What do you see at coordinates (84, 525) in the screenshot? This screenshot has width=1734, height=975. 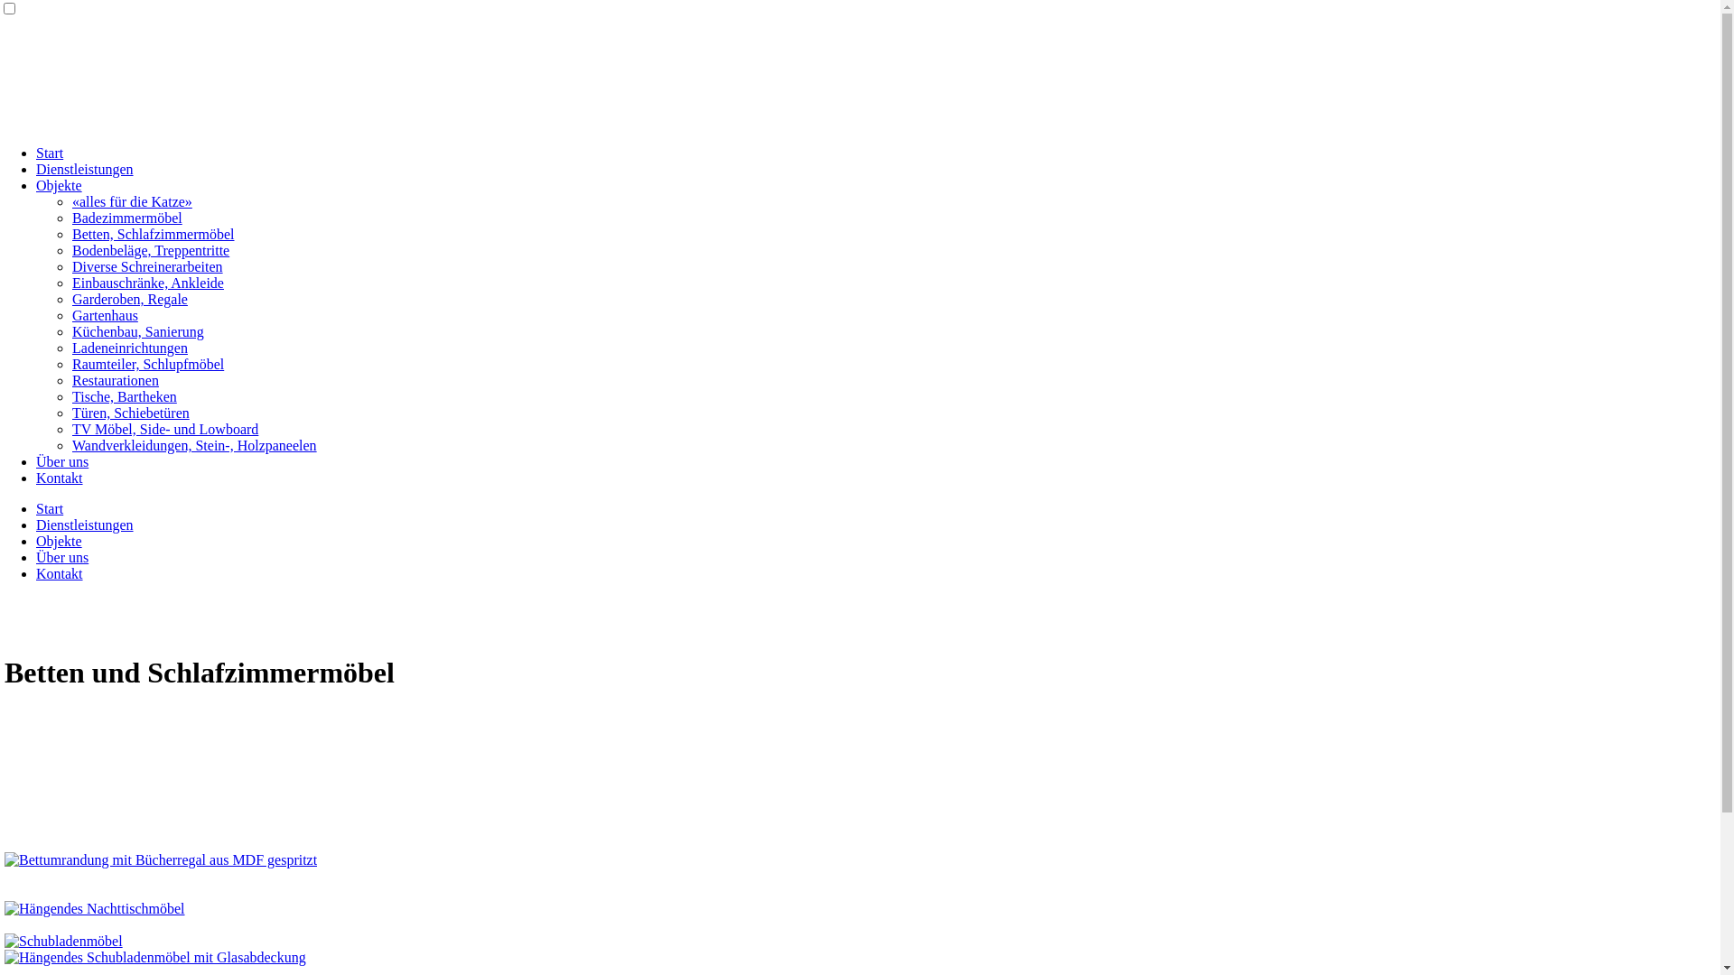 I see `'Dienstleistungen'` at bounding box center [84, 525].